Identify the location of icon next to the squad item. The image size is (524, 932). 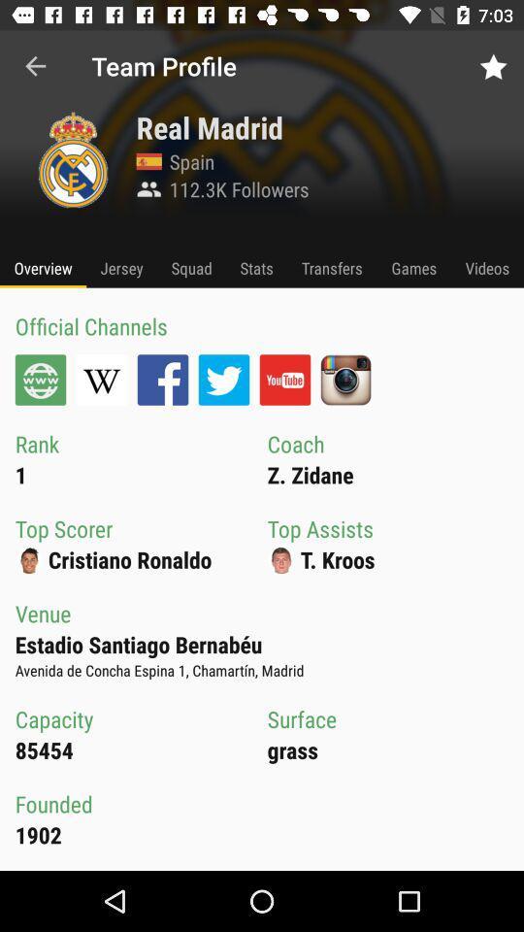
(256, 267).